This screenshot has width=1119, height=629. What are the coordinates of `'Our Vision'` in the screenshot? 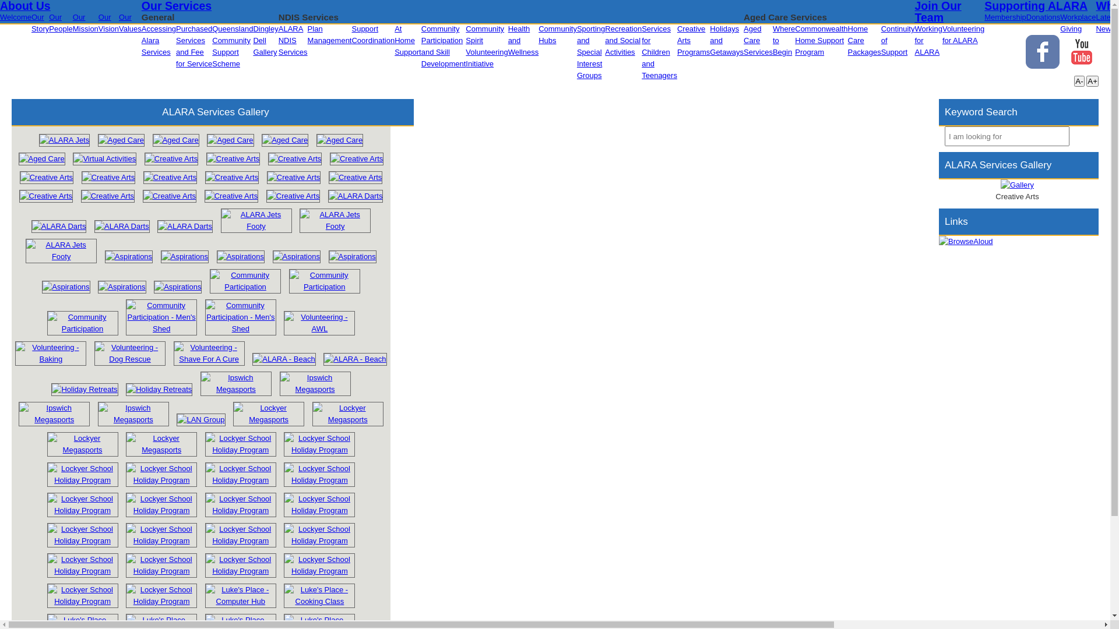 It's located at (108, 23).